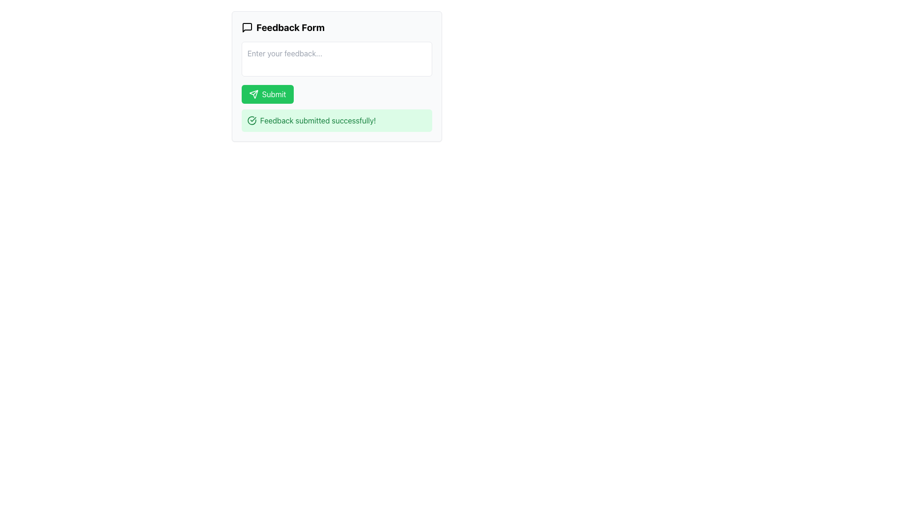 This screenshot has width=901, height=507. I want to click on the icon element located on the green 'Submit' button, so click(253, 94).